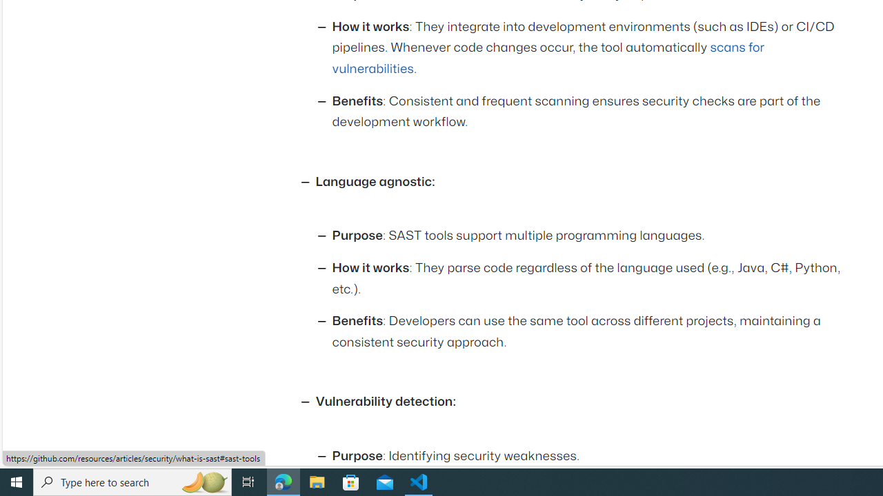  What do you see at coordinates (590, 236) in the screenshot?
I see `'Purpose: SAST tools support multiple programming languages.'` at bounding box center [590, 236].